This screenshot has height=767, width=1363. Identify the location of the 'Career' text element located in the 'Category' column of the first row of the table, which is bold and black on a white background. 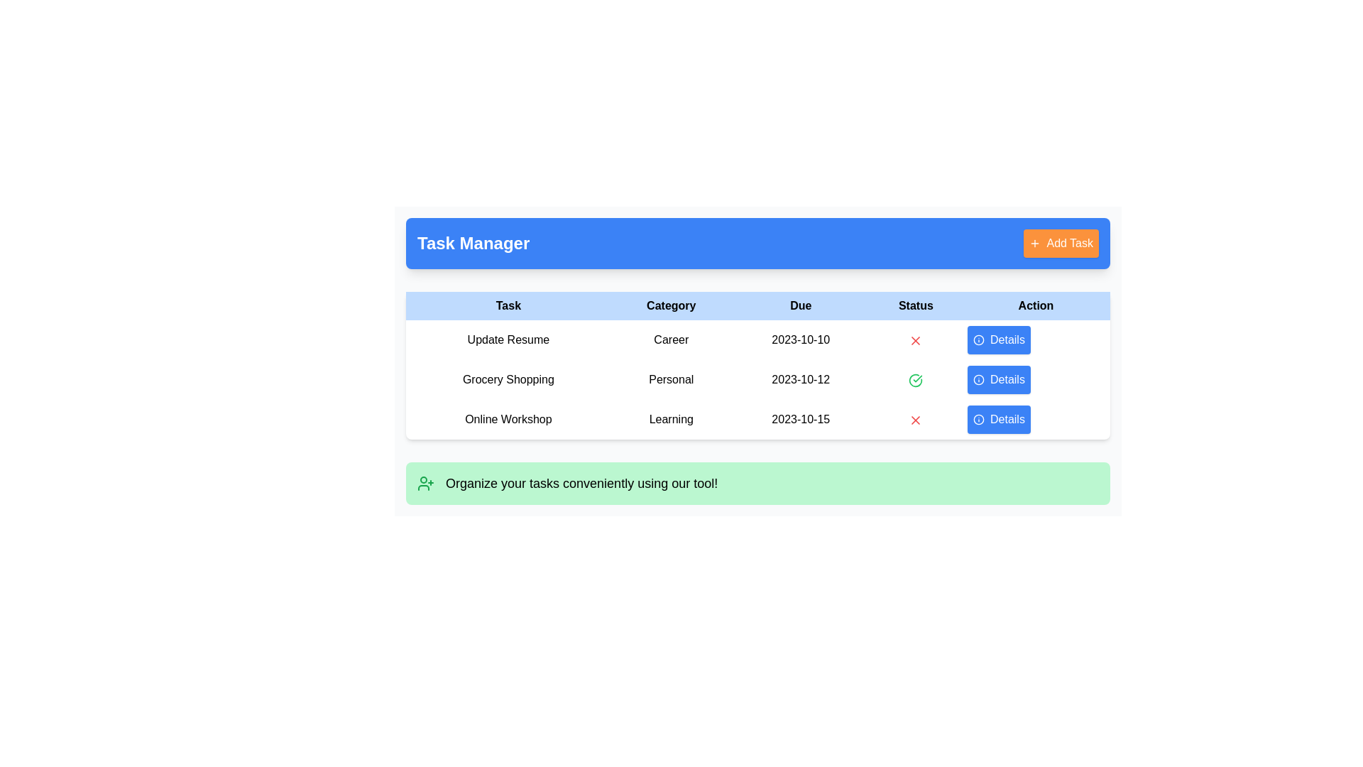
(670, 339).